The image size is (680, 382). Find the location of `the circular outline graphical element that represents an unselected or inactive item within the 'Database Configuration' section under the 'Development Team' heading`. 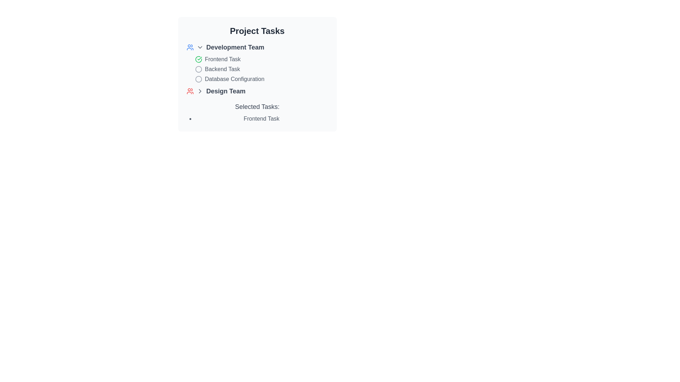

the circular outline graphical element that represents an unselected or inactive item within the 'Database Configuration' section under the 'Development Team' heading is located at coordinates (198, 69).